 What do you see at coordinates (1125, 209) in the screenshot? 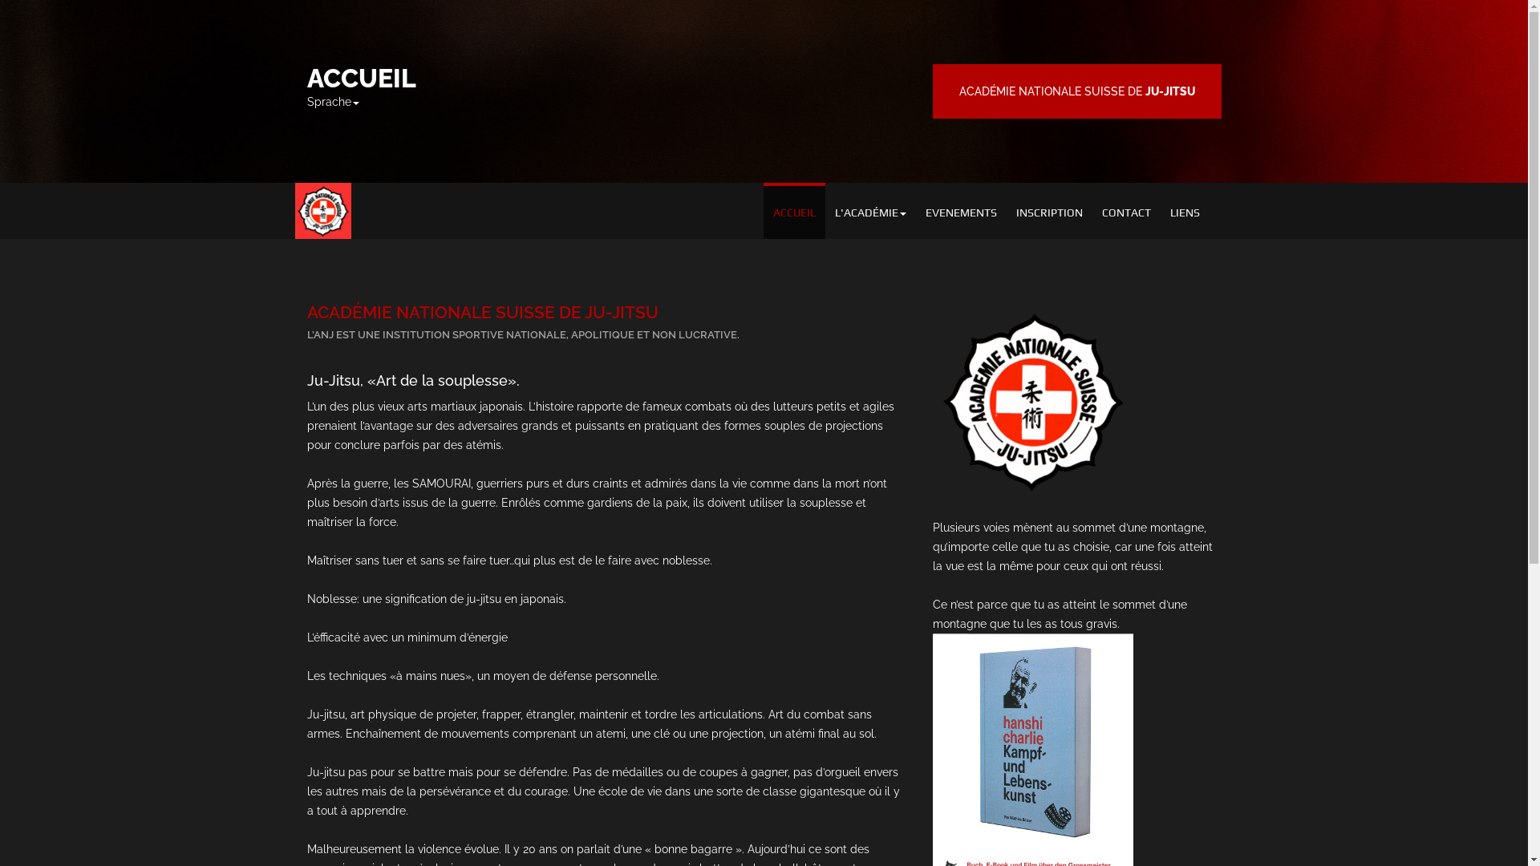
I see `'CONTACT'` at bounding box center [1125, 209].